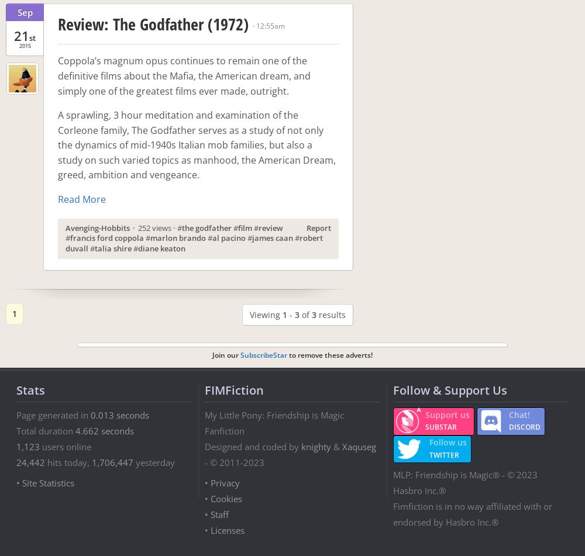 This screenshot has height=556, width=585. I want to click on 'knighty', so click(316, 446).